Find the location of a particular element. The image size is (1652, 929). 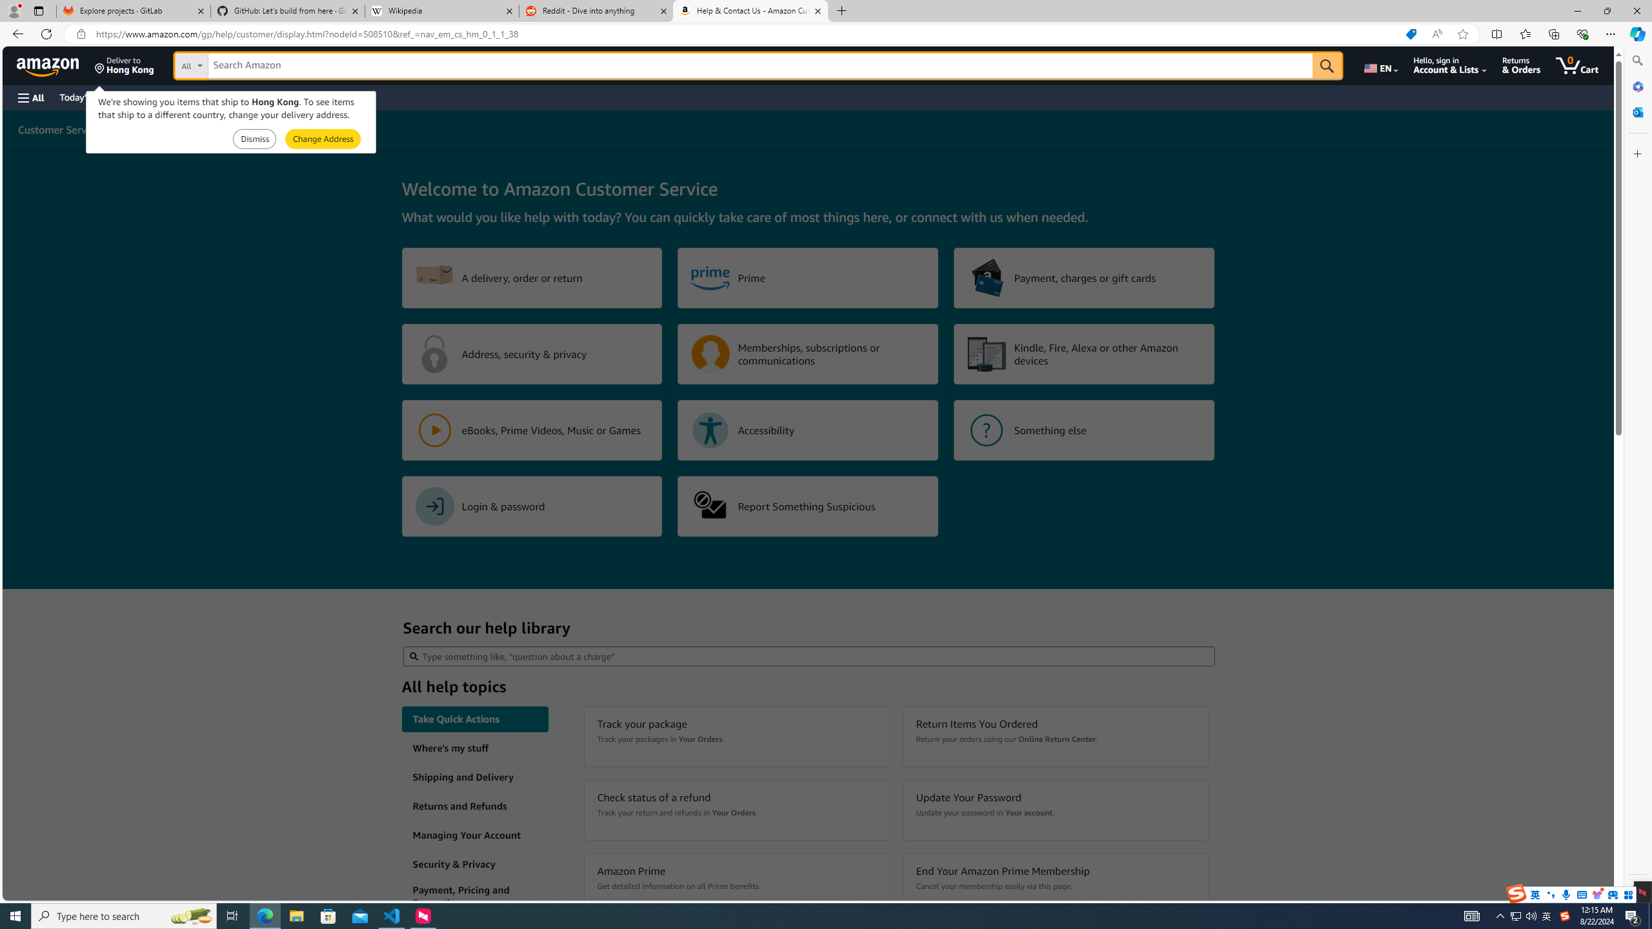

'0 items in cart' is located at coordinates (1576, 65).